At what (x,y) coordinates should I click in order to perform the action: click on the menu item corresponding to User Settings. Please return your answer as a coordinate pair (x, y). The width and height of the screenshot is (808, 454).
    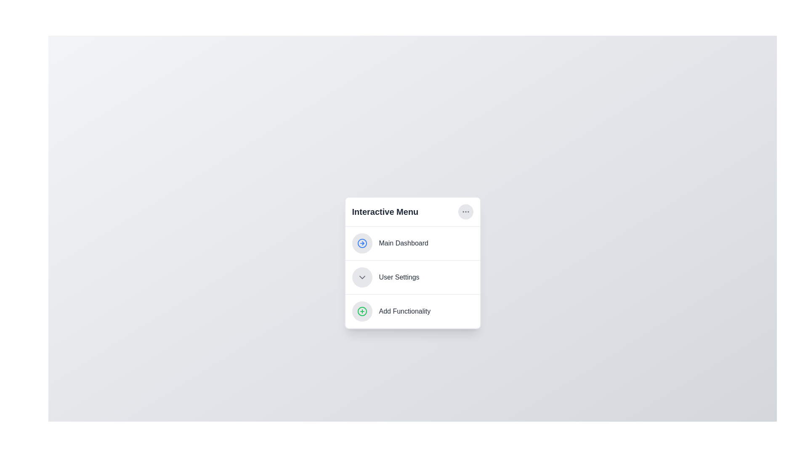
    Looking at the image, I should click on (412, 277).